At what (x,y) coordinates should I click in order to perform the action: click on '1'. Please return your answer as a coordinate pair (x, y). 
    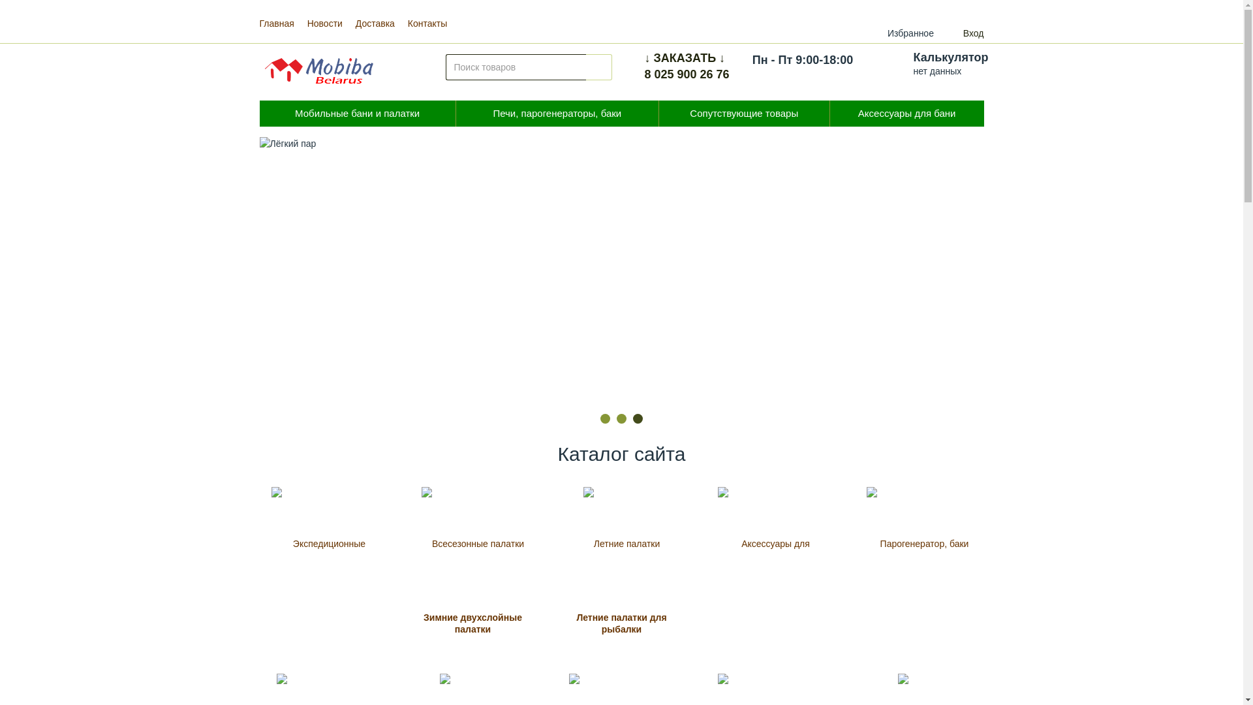
    Looking at the image, I should click on (604, 418).